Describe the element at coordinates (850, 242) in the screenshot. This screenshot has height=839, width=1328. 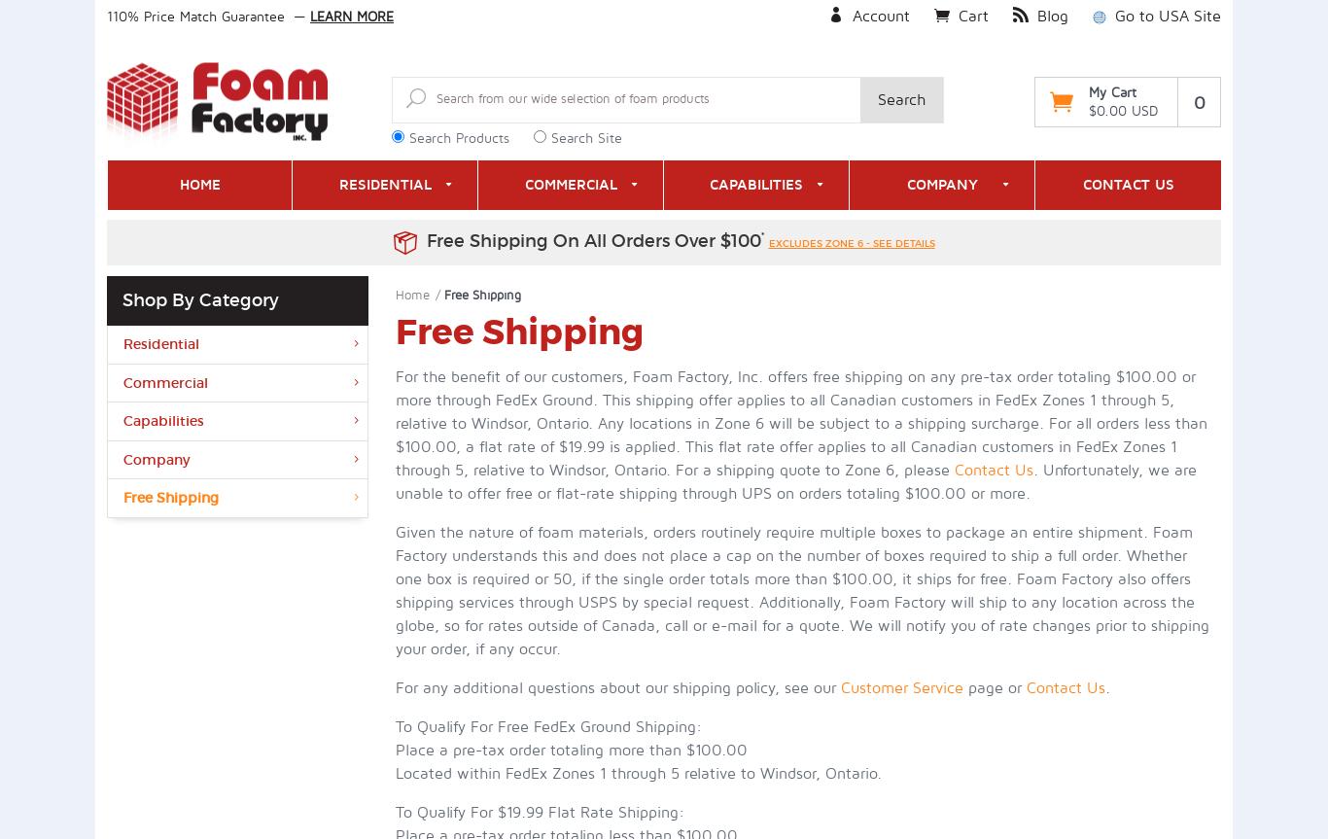
I see `'excludes zone 6 - see details'` at that location.